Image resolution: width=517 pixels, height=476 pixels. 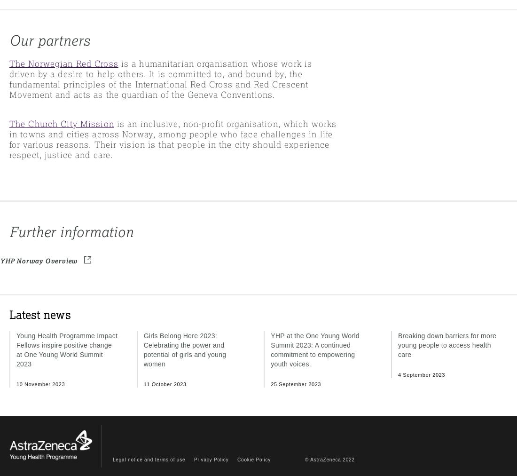 I want to click on '10 November 2023', so click(x=40, y=383).